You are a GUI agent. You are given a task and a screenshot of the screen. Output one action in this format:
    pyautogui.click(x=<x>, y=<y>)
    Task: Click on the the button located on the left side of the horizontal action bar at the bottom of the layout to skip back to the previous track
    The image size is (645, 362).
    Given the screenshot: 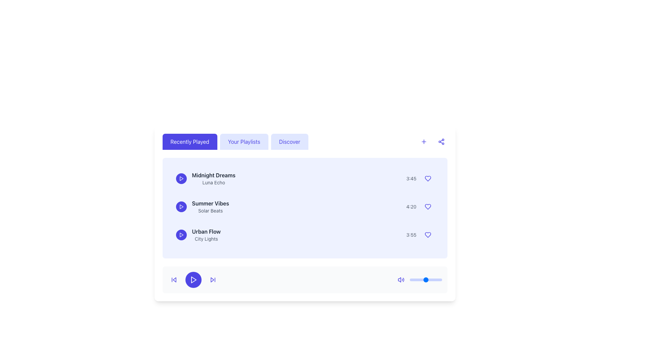 What is the action you would take?
    pyautogui.click(x=174, y=280)
    